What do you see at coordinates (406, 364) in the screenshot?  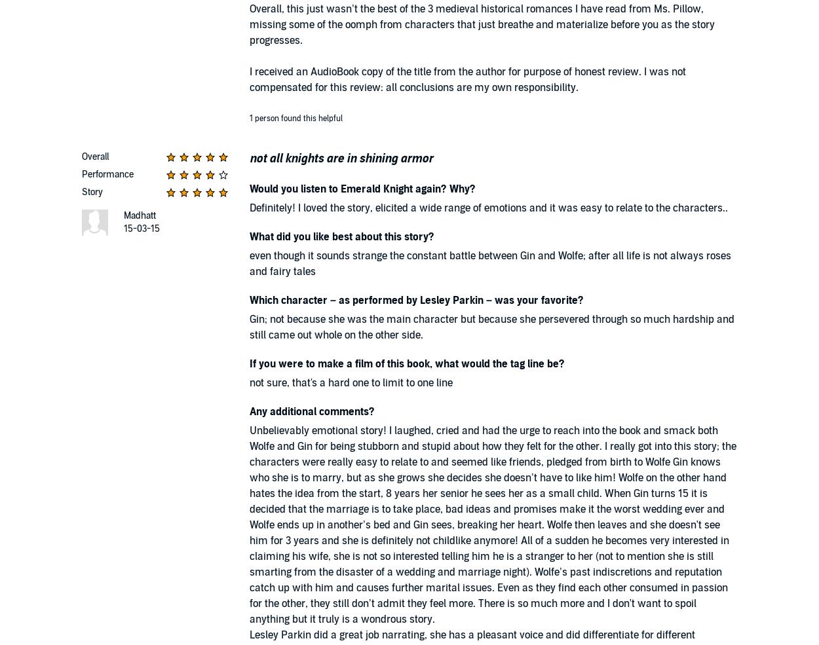 I see `'If you were to make a film of this book, what would the tag line be?'` at bounding box center [406, 364].